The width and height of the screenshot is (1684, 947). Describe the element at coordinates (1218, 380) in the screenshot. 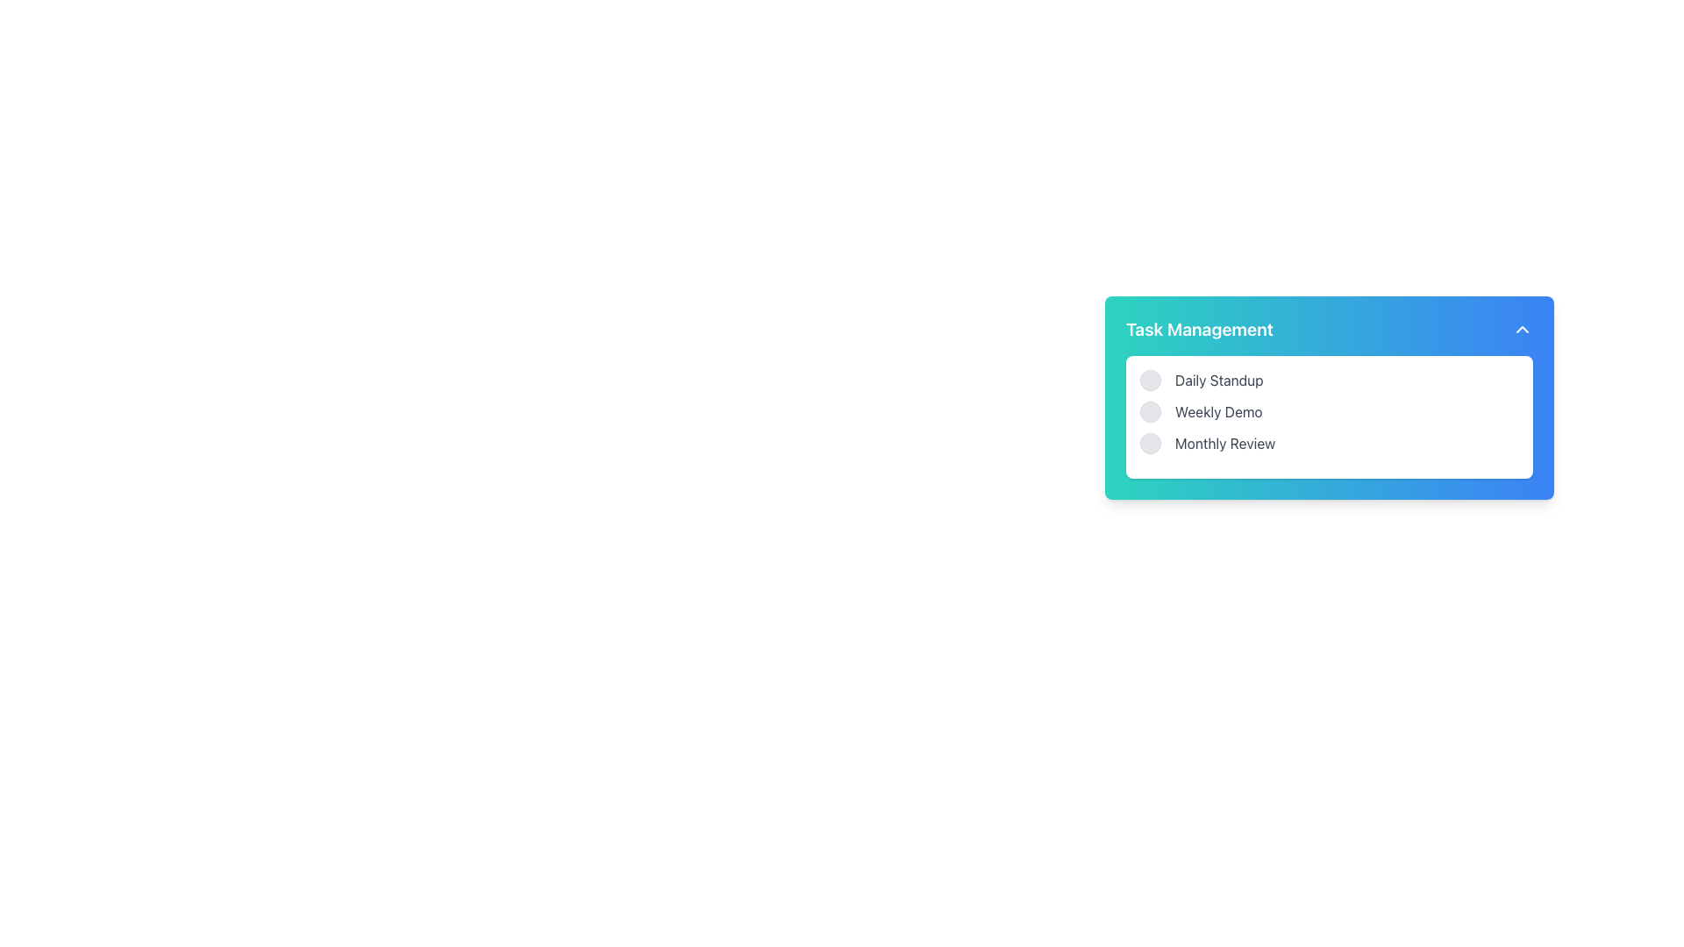

I see `the 'Daily Standup' text label, which is styled in gray and located in the first row of the 'Task Management' list, to the right of a circular icon` at that location.